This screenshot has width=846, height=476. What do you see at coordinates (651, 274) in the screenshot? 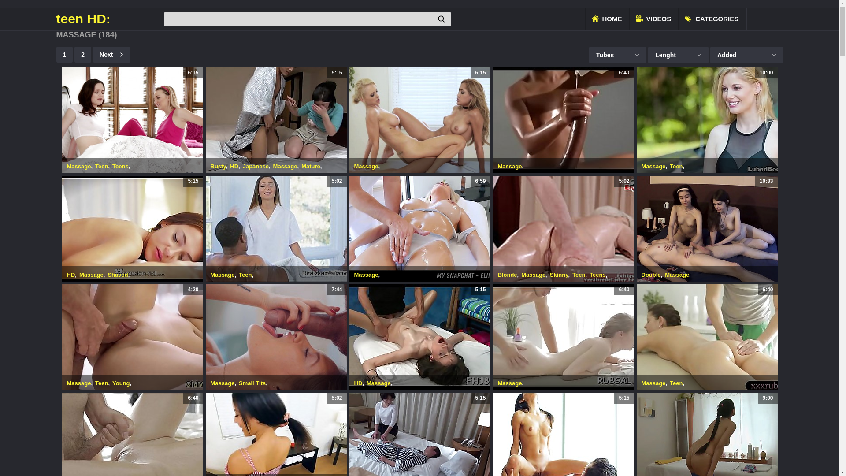
I see `'Double'` at bounding box center [651, 274].